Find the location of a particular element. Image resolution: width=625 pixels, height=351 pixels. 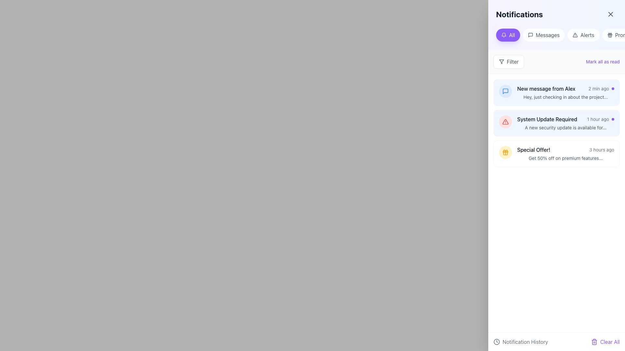

the 'All' button is located at coordinates (507, 35).